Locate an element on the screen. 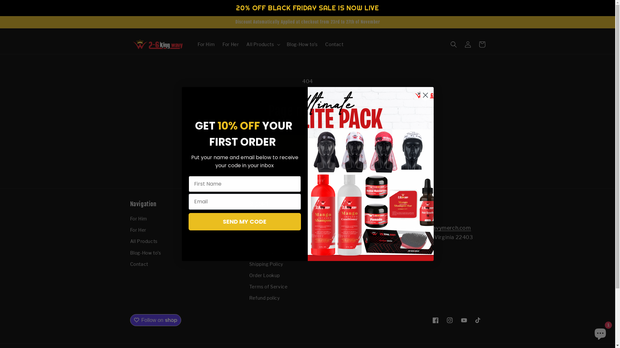  'Contact' is located at coordinates (139, 264).